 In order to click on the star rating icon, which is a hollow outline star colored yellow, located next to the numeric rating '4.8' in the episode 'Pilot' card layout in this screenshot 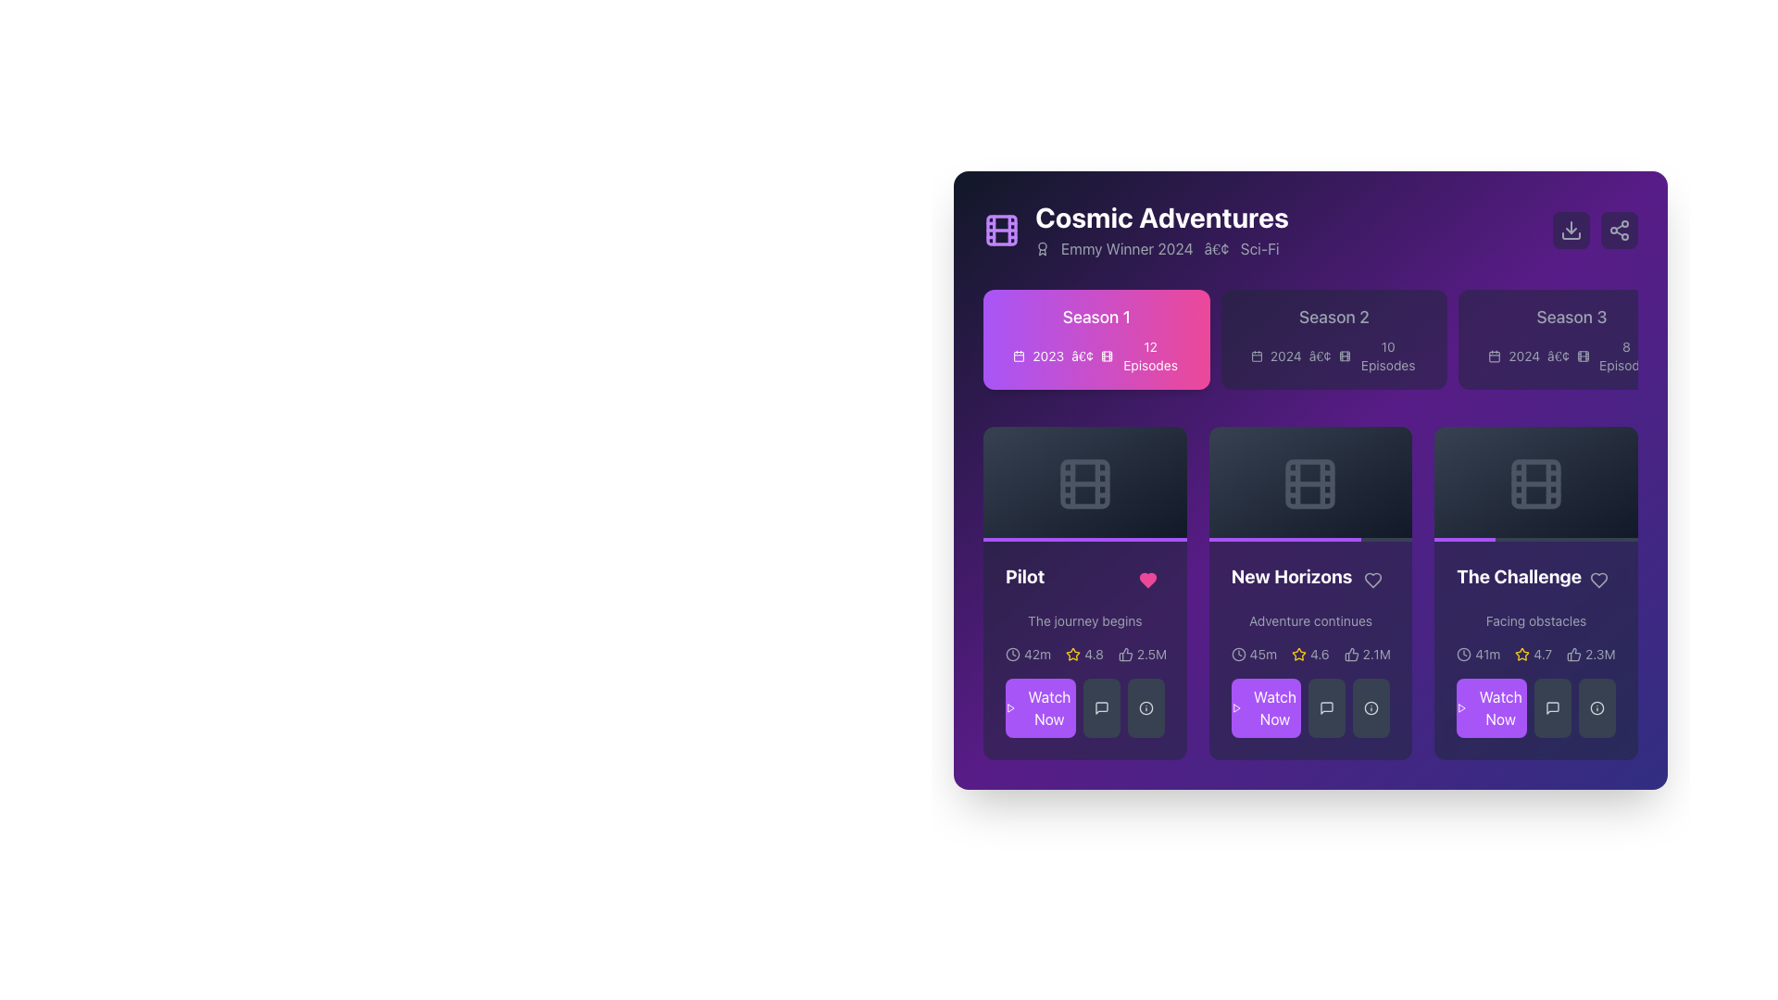, I will do `click(1073, 653)`.